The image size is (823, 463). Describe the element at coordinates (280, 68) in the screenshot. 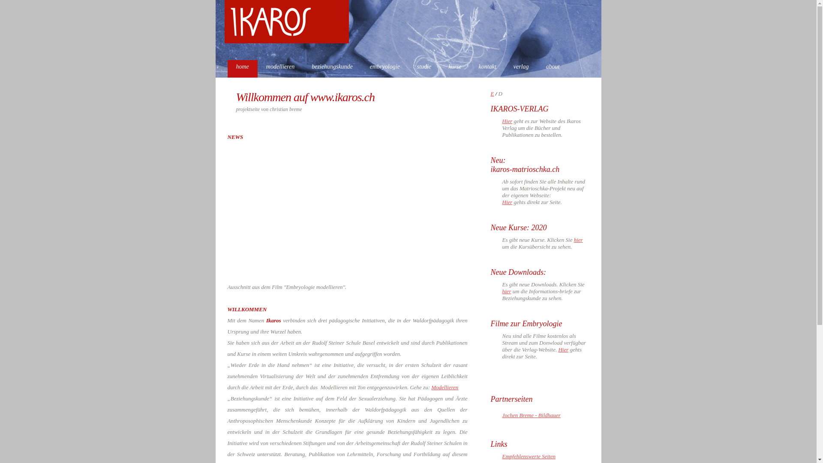

I see `'modellieren'` at that location.